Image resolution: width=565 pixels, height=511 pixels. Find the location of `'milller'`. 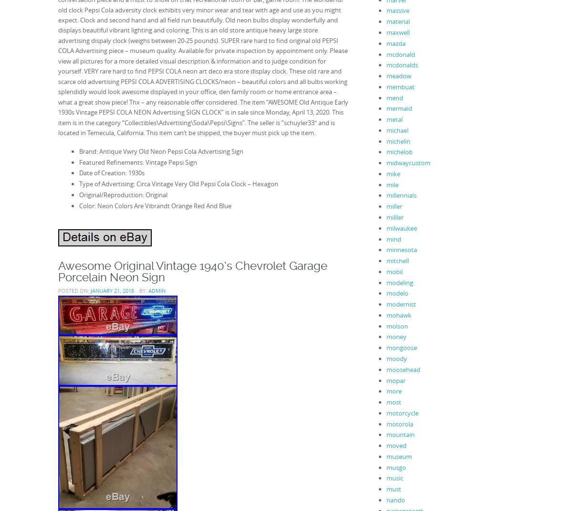

'milller' is located at coordinates (395, 217).